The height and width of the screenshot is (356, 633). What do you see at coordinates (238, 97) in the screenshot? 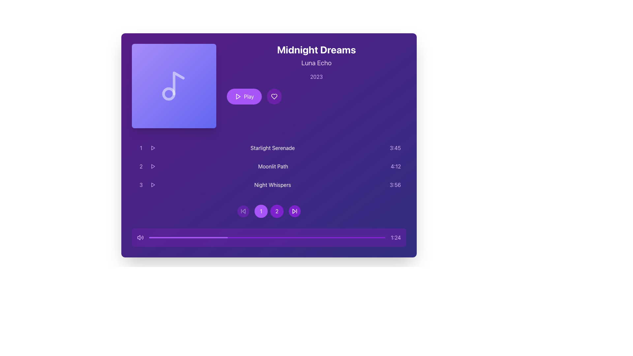
I see `the play button icon, which is part of the circular left portion of the button that indicates starting media playback` at bounding box center [238, 97].